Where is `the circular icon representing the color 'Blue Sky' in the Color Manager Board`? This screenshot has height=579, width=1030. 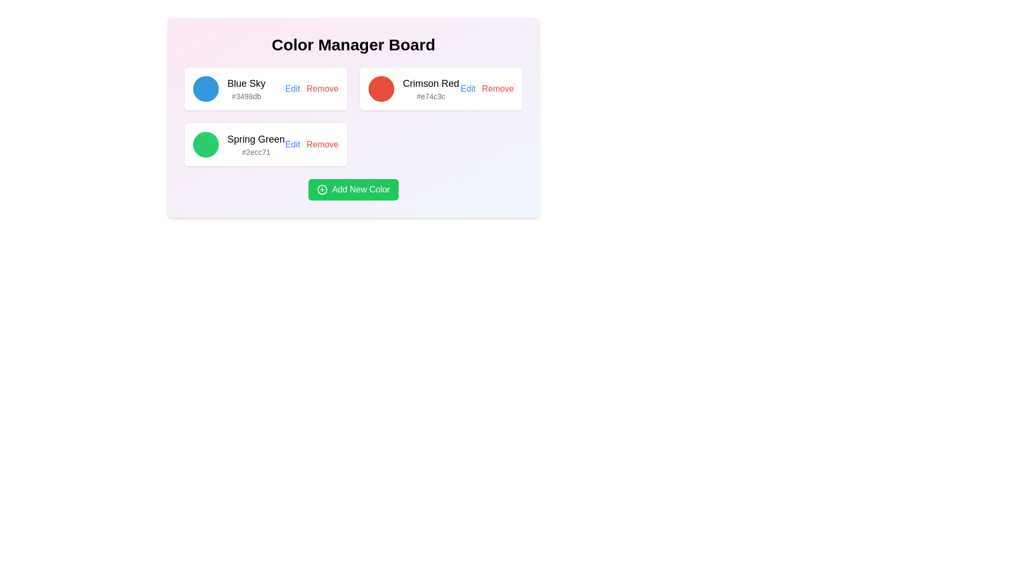 the circular icon representing the color 'Blue Sky' in the Color Manager Board is located at coordinates (206, 88).